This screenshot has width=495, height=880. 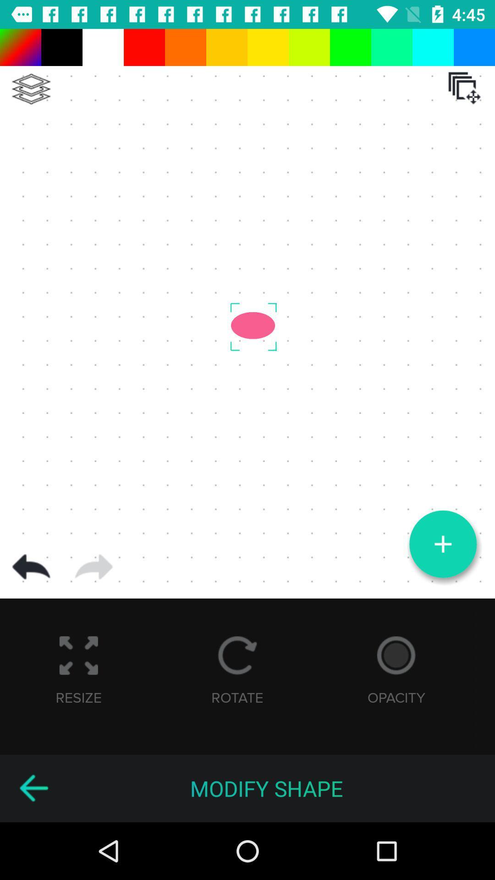 I want to click on next, so click(x=93, y=566).